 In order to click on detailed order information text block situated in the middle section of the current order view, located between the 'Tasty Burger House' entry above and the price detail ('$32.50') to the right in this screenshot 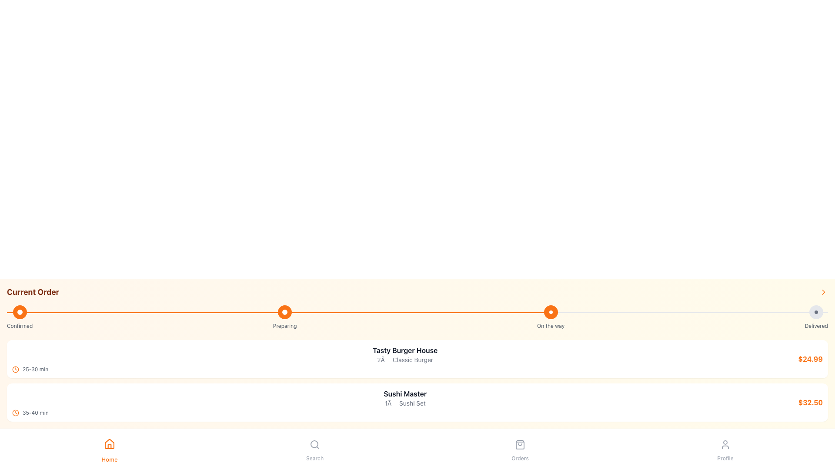, I will do `click(404, 402)`.